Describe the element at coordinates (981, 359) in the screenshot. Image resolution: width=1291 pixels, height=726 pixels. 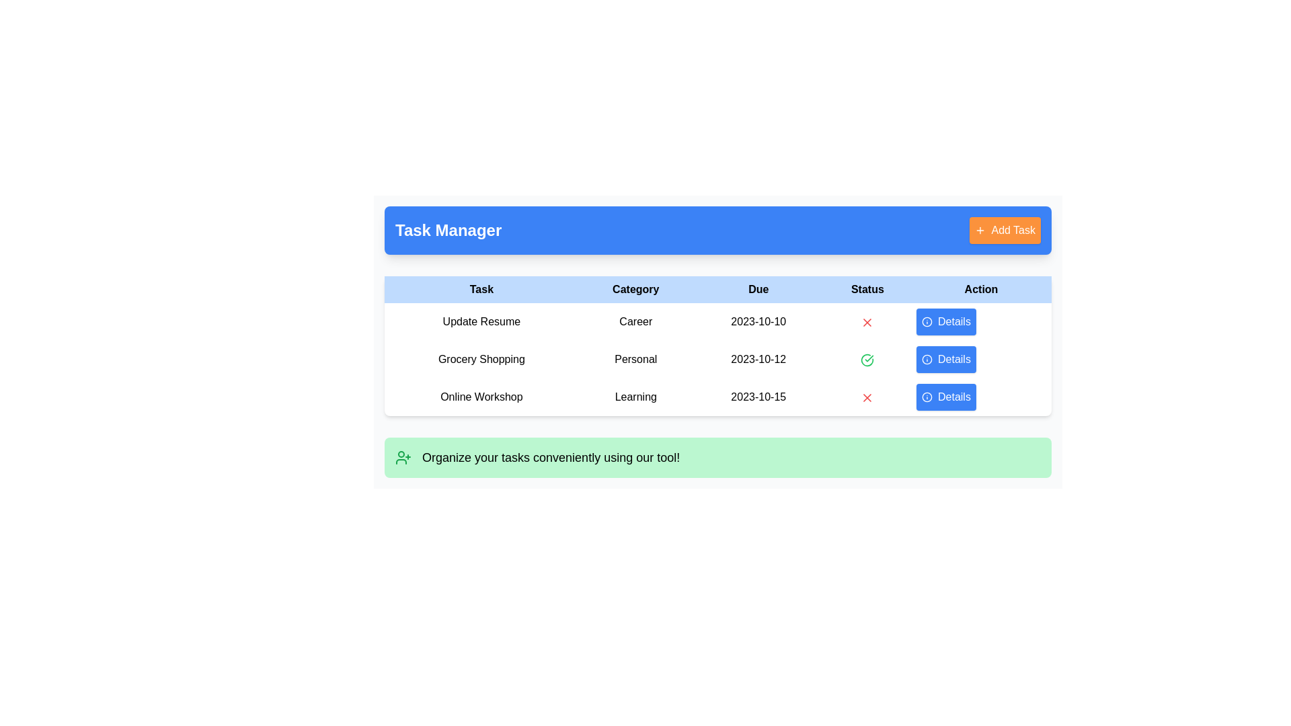
I see `the button in the 'Action' column of the 'Task Manager' table for the task 'Grocery Shopping'` at that location.